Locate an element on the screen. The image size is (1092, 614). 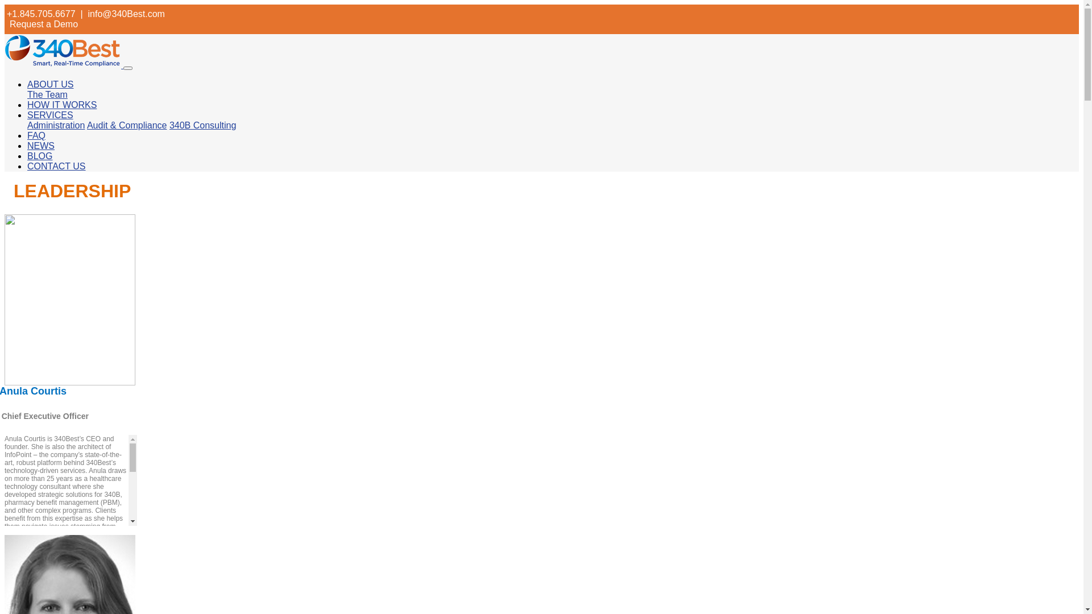
'Request a Demo' is located at coordinates (10, 24).